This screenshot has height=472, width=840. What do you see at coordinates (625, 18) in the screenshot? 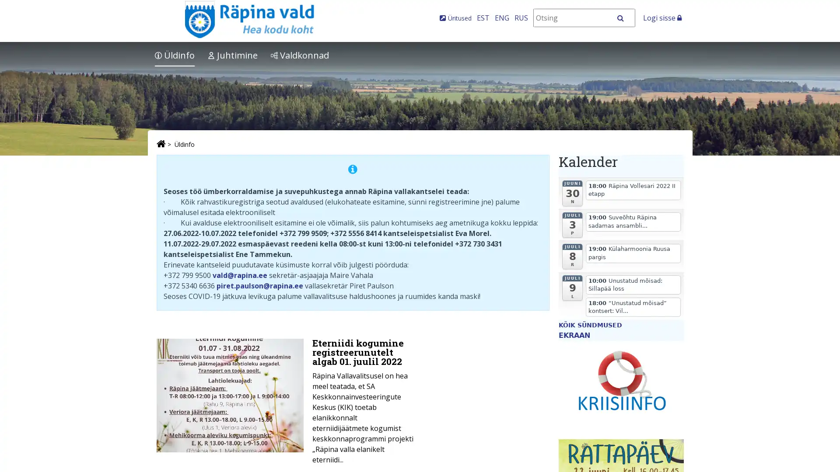
I see `OTSI` at bounding box center [625, 18].